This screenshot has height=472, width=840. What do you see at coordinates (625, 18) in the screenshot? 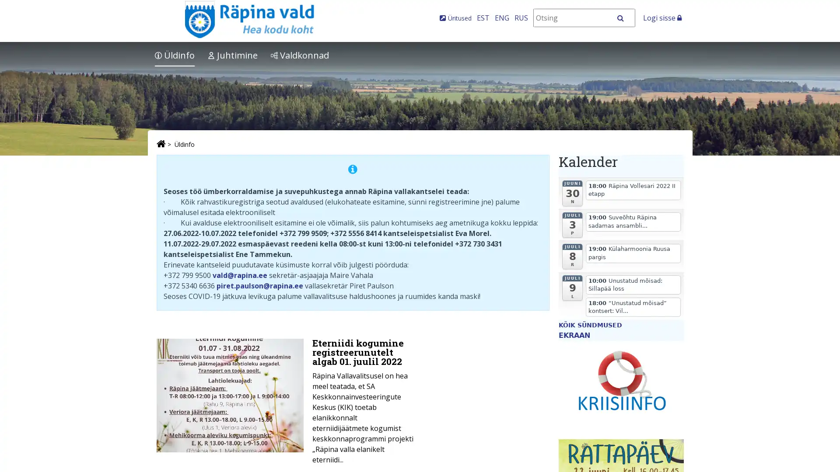
I see `OTSI` at bounding box center [625, 18].